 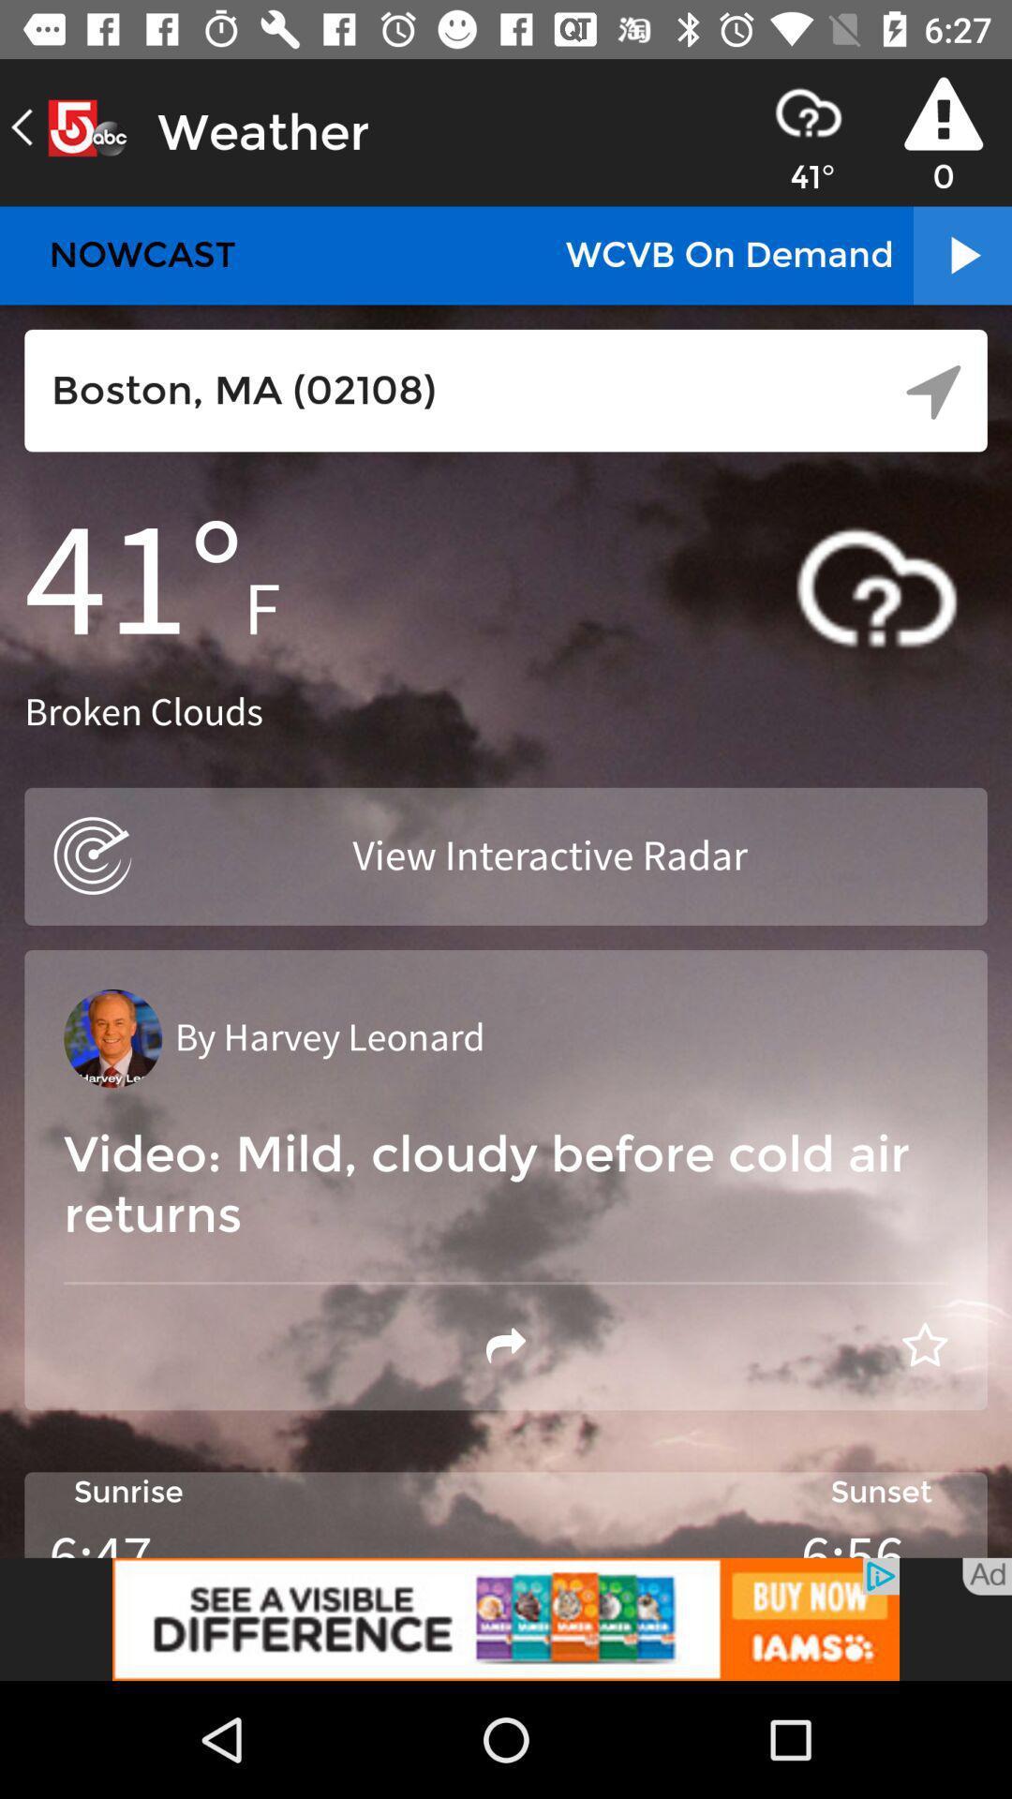 I want to click on the favorite icon, so click(x=924, y=1345).